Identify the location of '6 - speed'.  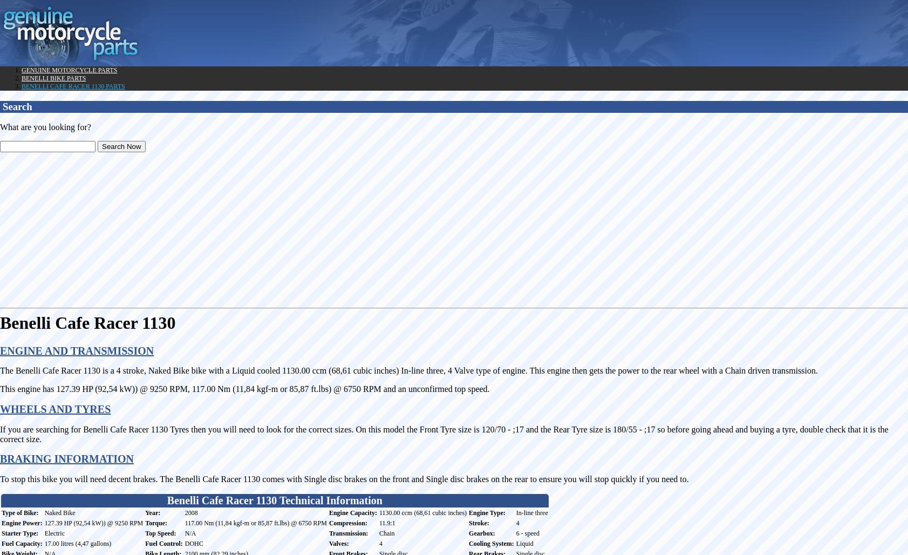
(527, 532).